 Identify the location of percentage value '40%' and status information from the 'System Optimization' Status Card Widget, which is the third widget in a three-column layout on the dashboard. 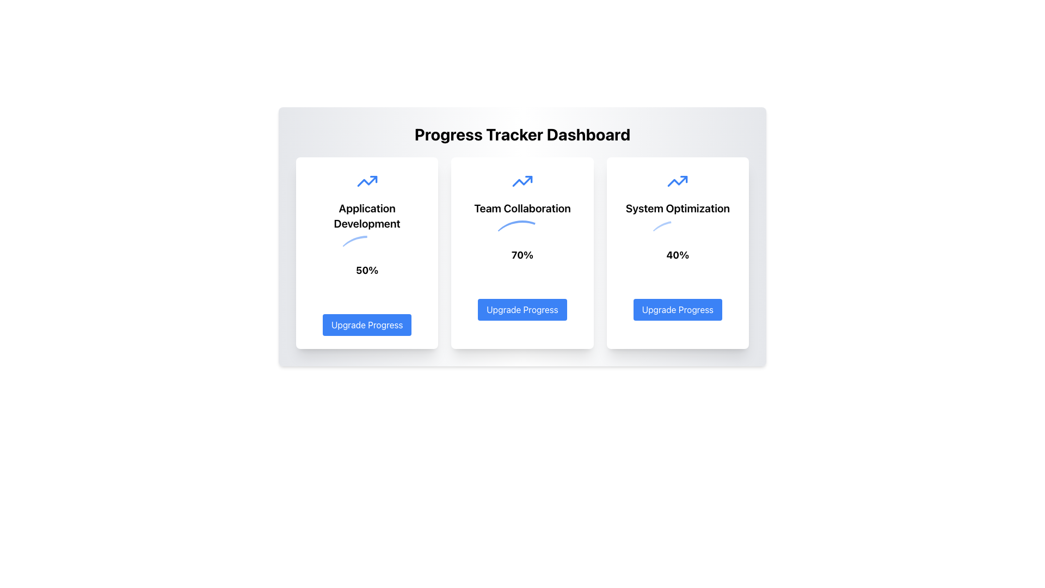
(677, 253).